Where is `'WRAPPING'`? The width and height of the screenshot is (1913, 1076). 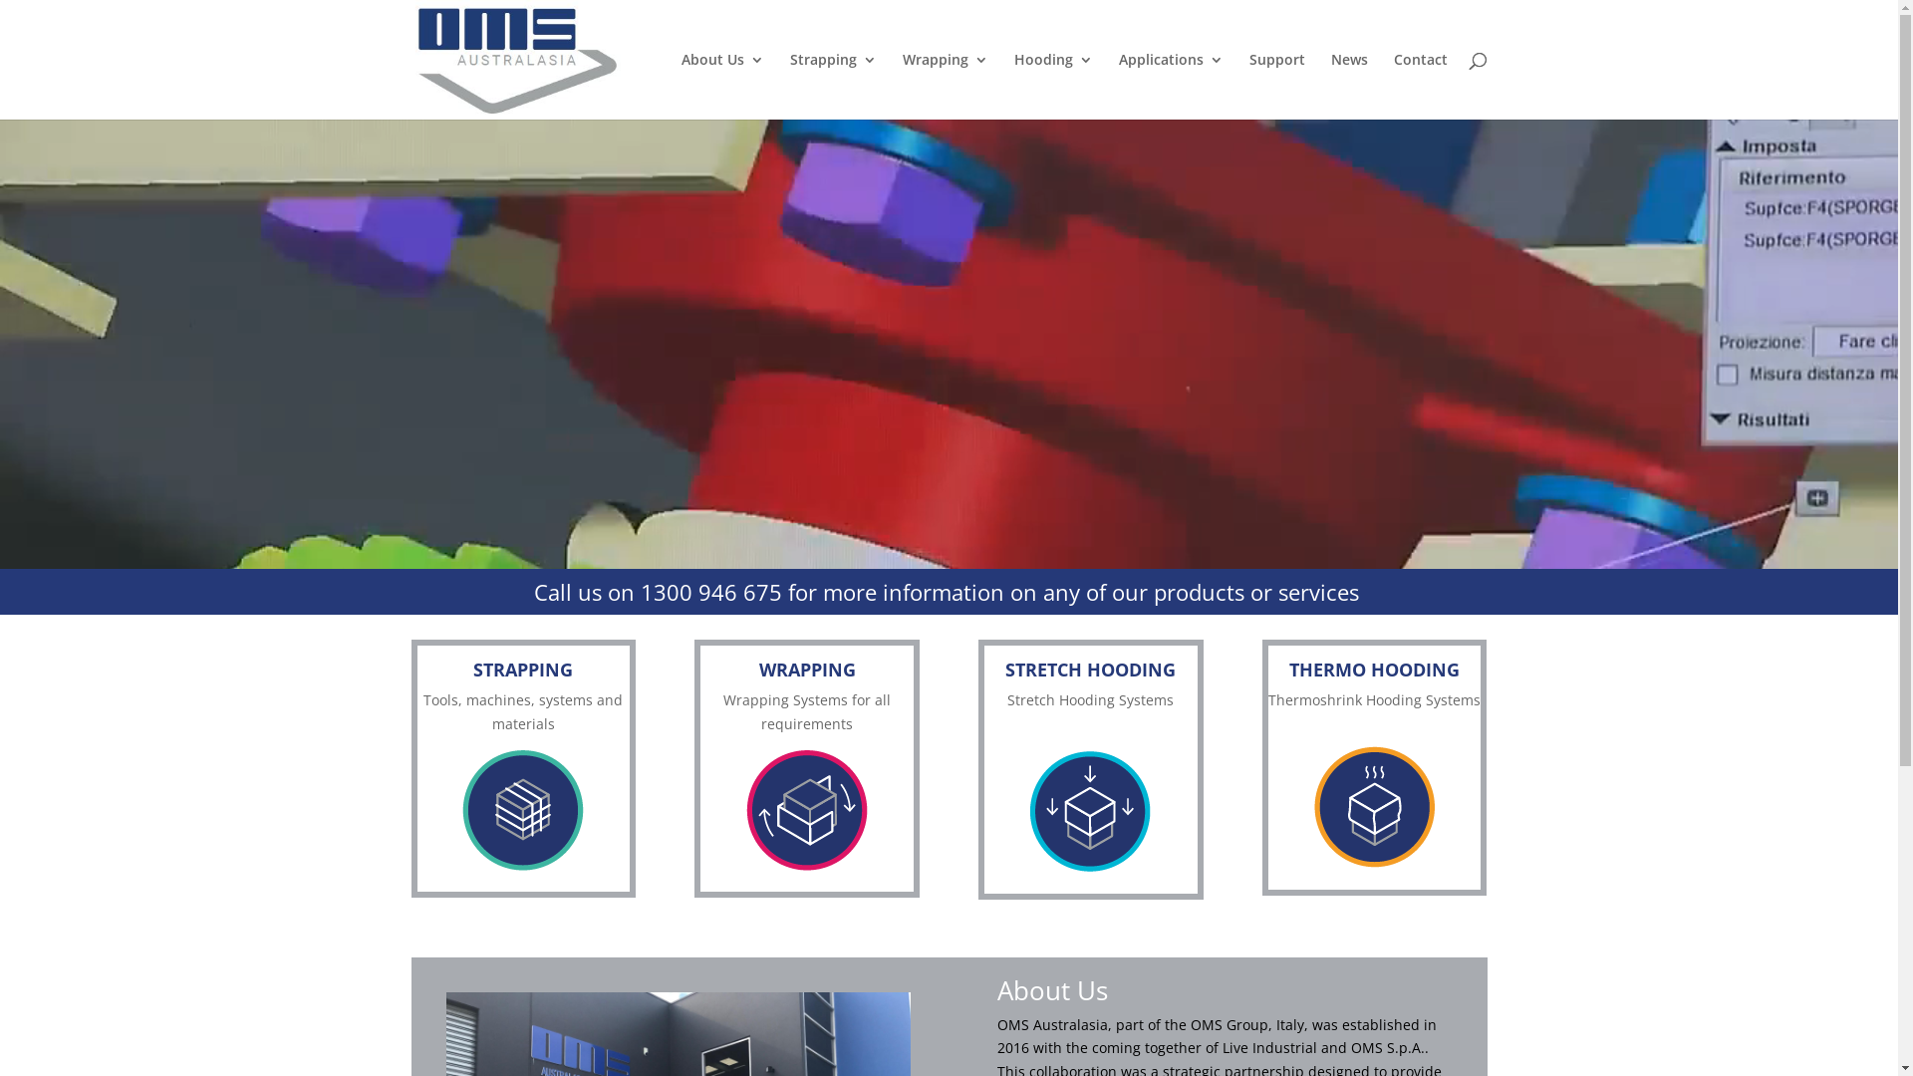
'WRAPPING' is located at coordinates (758, 669).